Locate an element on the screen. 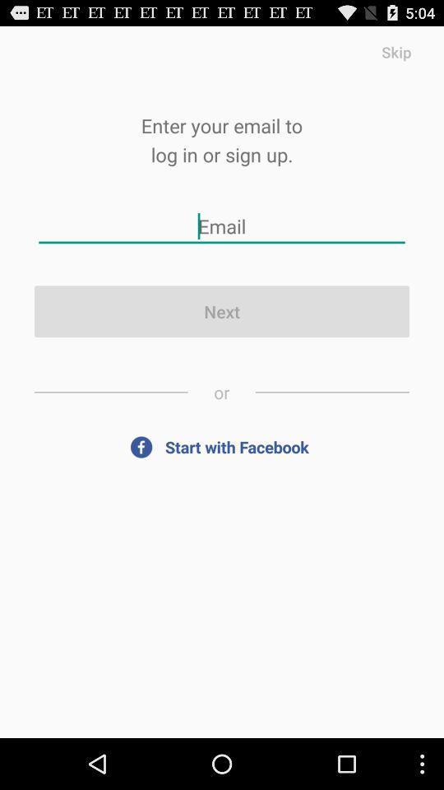 The width and height of the screenshot is (444, 790). item above enter your email item is located at coordinates (395, 51).